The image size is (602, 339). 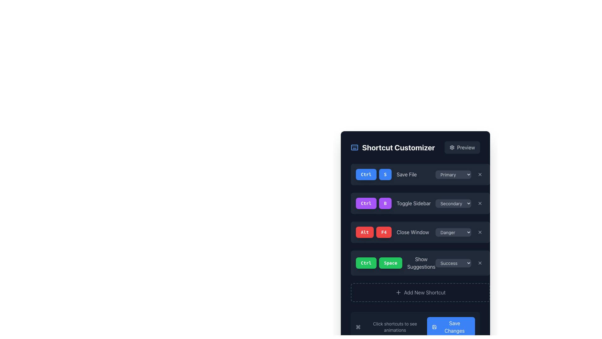 What do you see at coordinates (366, 203) in the screenshot?
I see `the 'Ctrl' button, which is a rectangular button with a rounded border, purple background, and contains the text 'Ctrl' in bold, white monospace font, located to the left of the 'B' button in the shortcut customization interface` at bounding box center [366, 203].